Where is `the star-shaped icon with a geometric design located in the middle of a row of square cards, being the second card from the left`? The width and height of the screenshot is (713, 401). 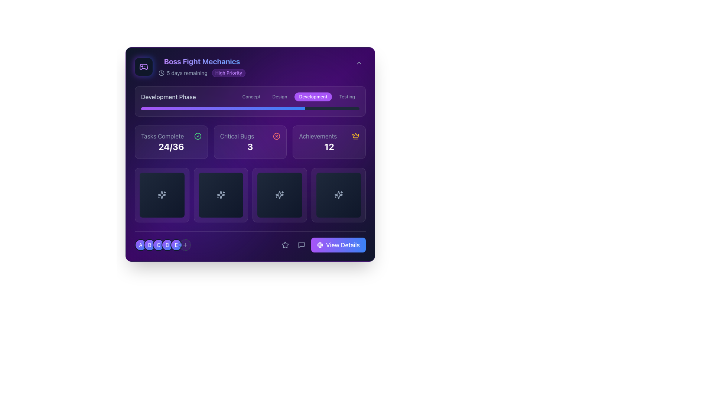
the star-shaped icon with a geometric design located in the middle of a row of square cards, being the second card from the left is located at coordinates (220, 195).